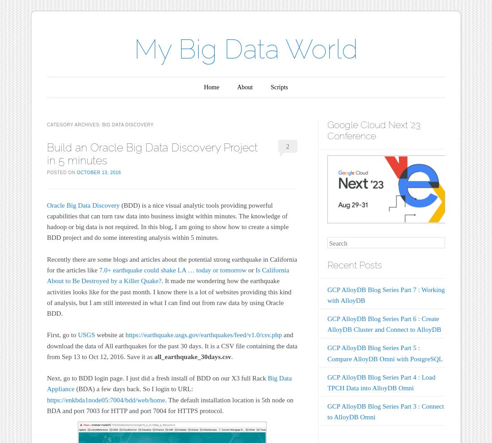  I want to click on 'GCP AlloyDB Blog Series Part 3 : Connect to AlloyDB Omni', so click(385, 410).